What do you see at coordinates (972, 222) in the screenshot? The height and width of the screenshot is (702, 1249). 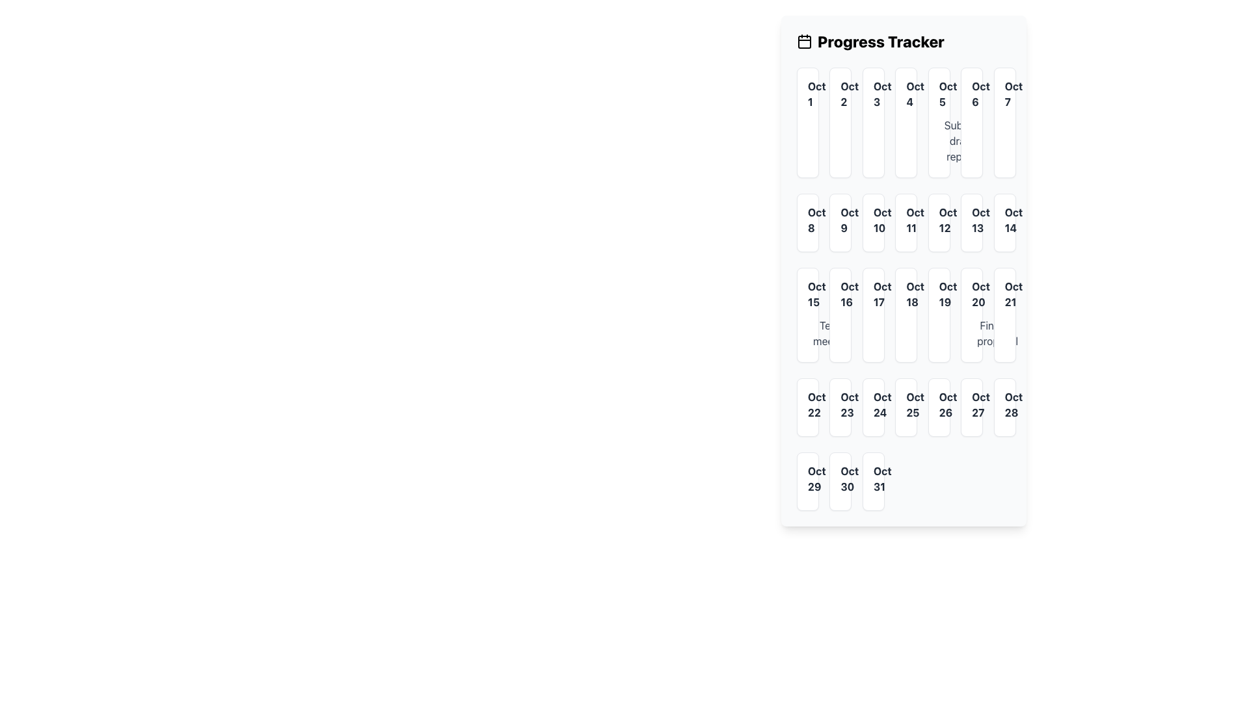 I see `the visual card element representing the date 'October 13th' within the grid layout` at bounding box center [972, 222].